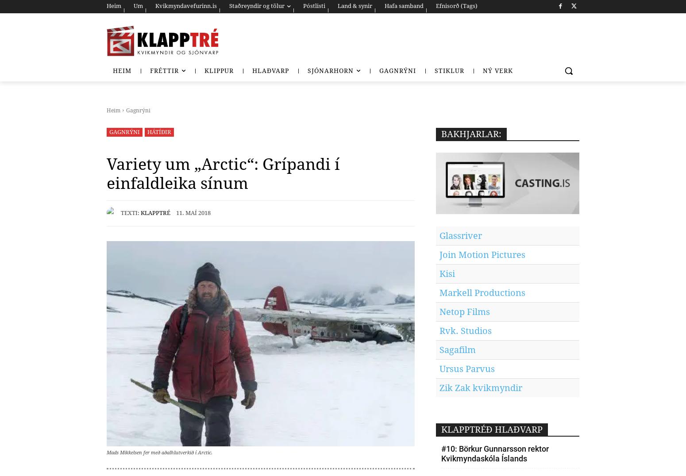  What do you see at coordinates (449, 71) in the screenshot?
I see `'Stiklur'` at bounding box center [449, 71].